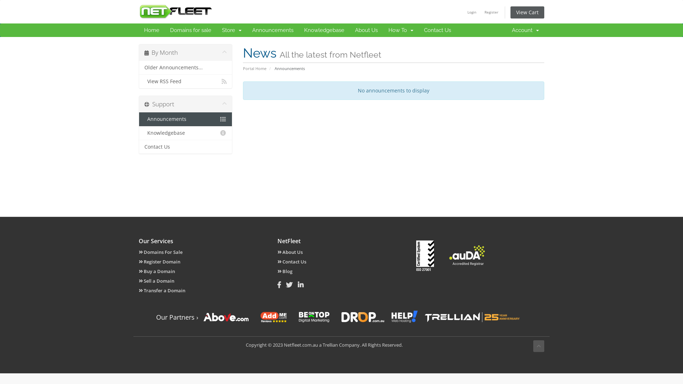 The height and width of the screenshot is (384, 683). I want to click on 'Register', so click(491, 12).